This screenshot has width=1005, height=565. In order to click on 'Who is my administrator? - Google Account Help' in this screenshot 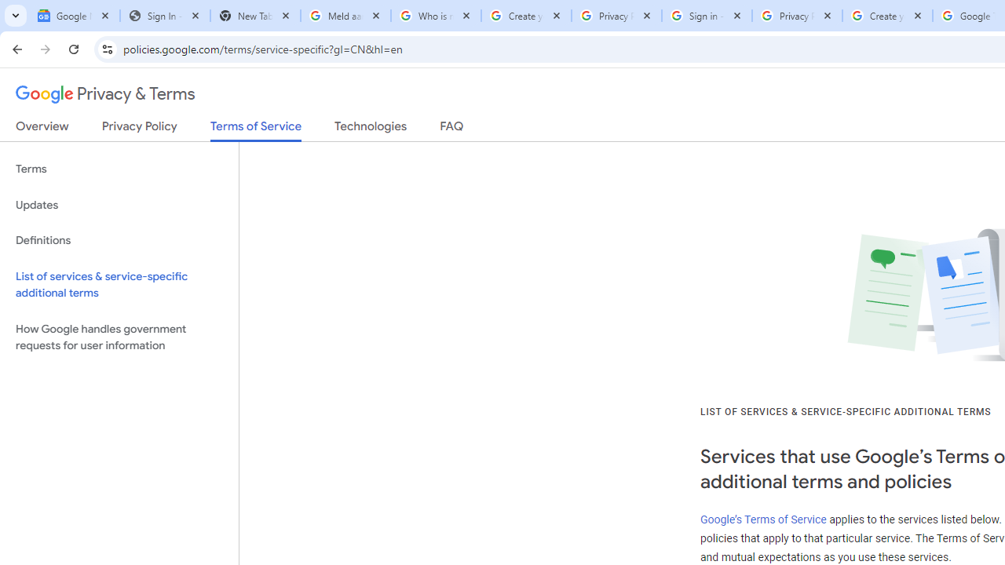, I will do `click(436, 16)`.